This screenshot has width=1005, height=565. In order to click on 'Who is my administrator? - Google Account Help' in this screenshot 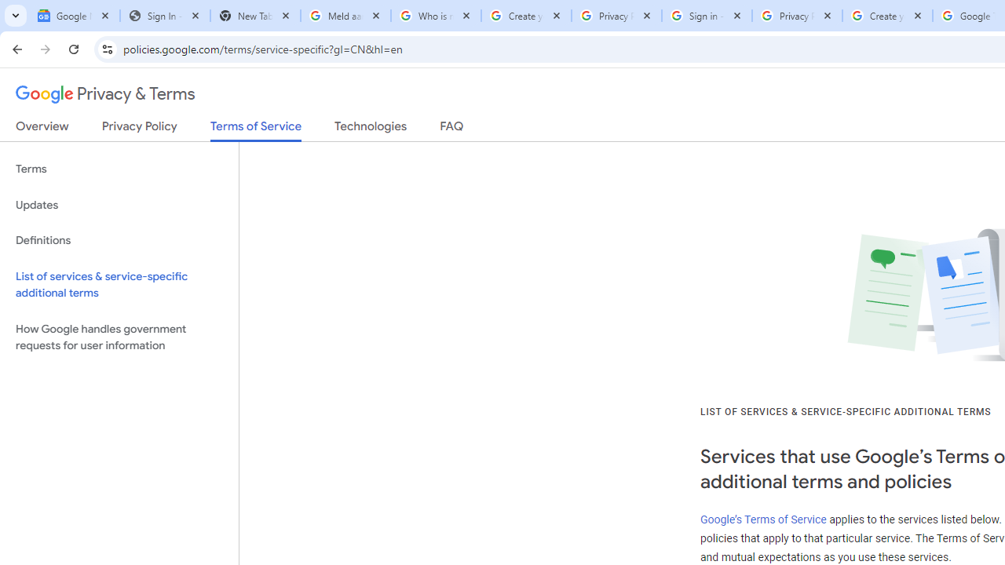, I will do `click(436, 16)`.